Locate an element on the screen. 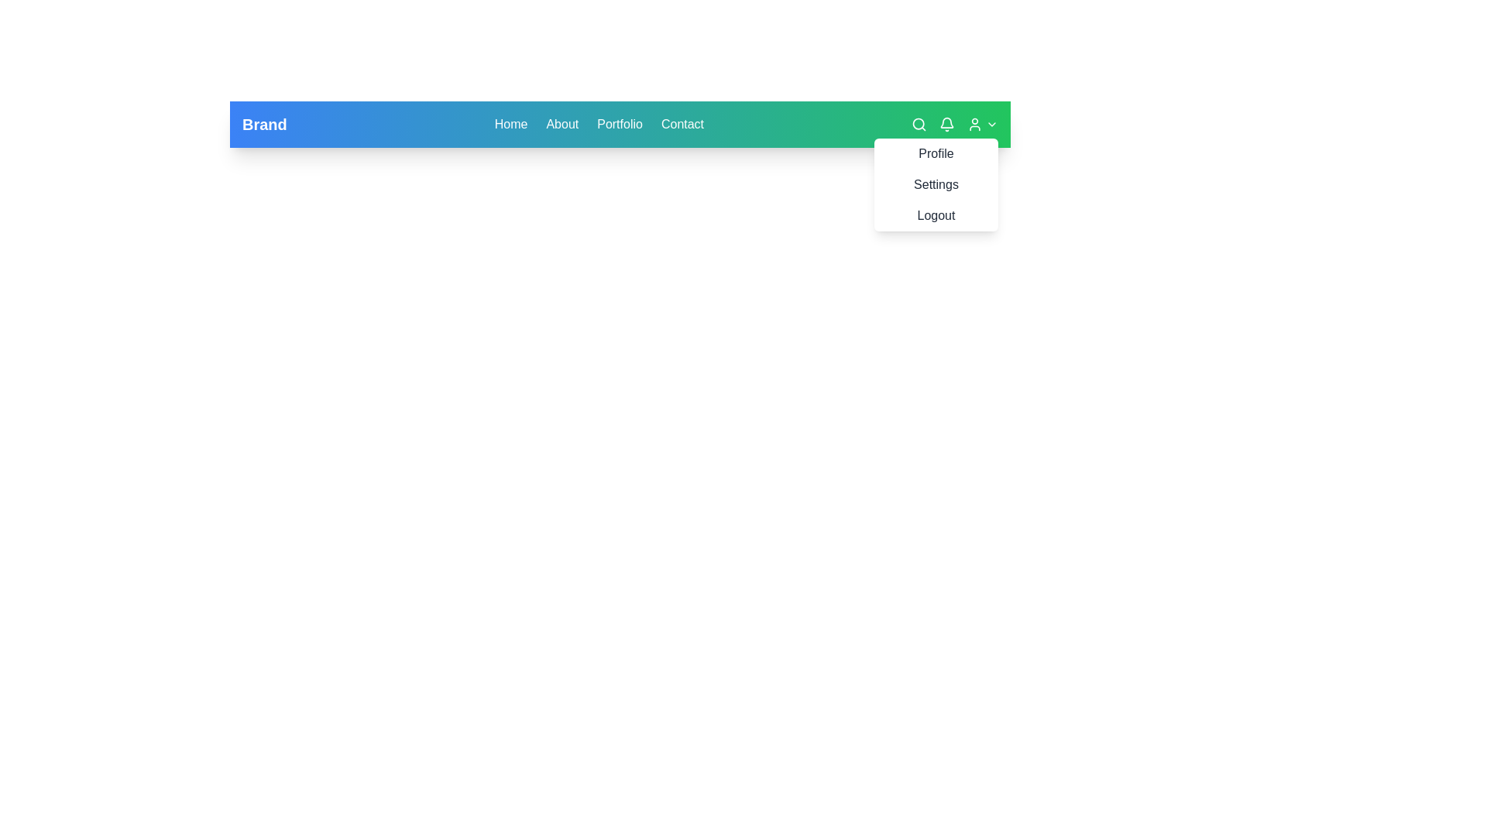  to navigate or interact with the 'Settings' option in the dropdown menu located at the top-right corner of the interface is located at coordinates (936, 184).